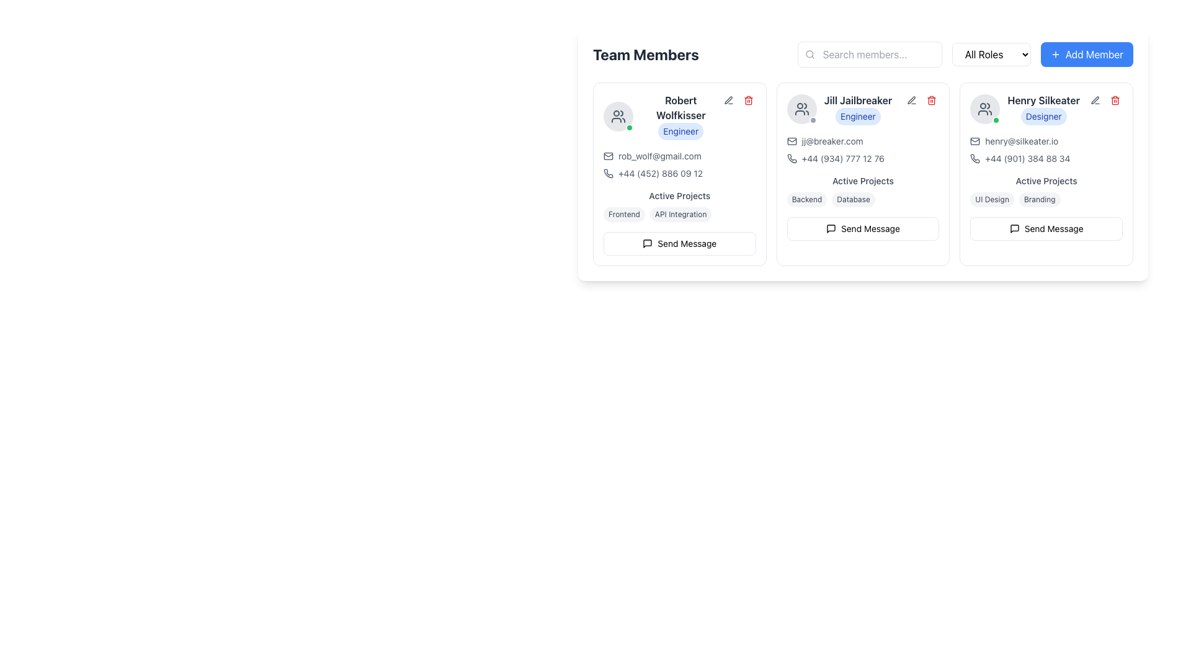  Describe the element at coordinates (679, 155) in the screenshot. I see `the clickable text hyperlink displaying the email address 'rob_wolf@gmail.com'` at that location.